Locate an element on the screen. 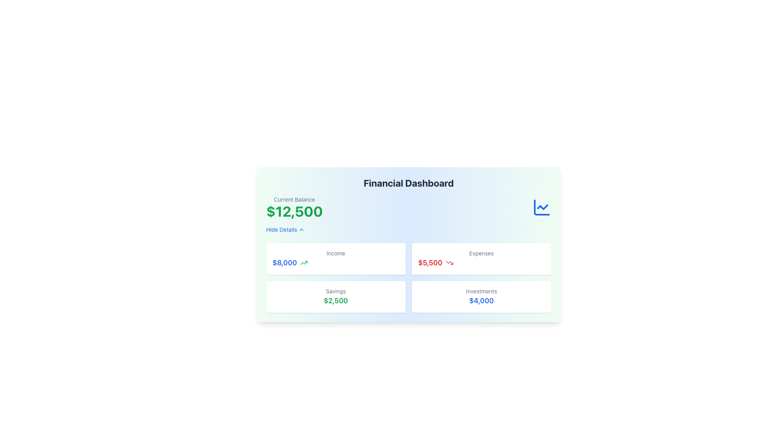  the Text Display that indicates the total amount allocated to investments, located in the lower-right card of the dashboard, directly below the 'Investments' label is located at coordinates (481, 300).